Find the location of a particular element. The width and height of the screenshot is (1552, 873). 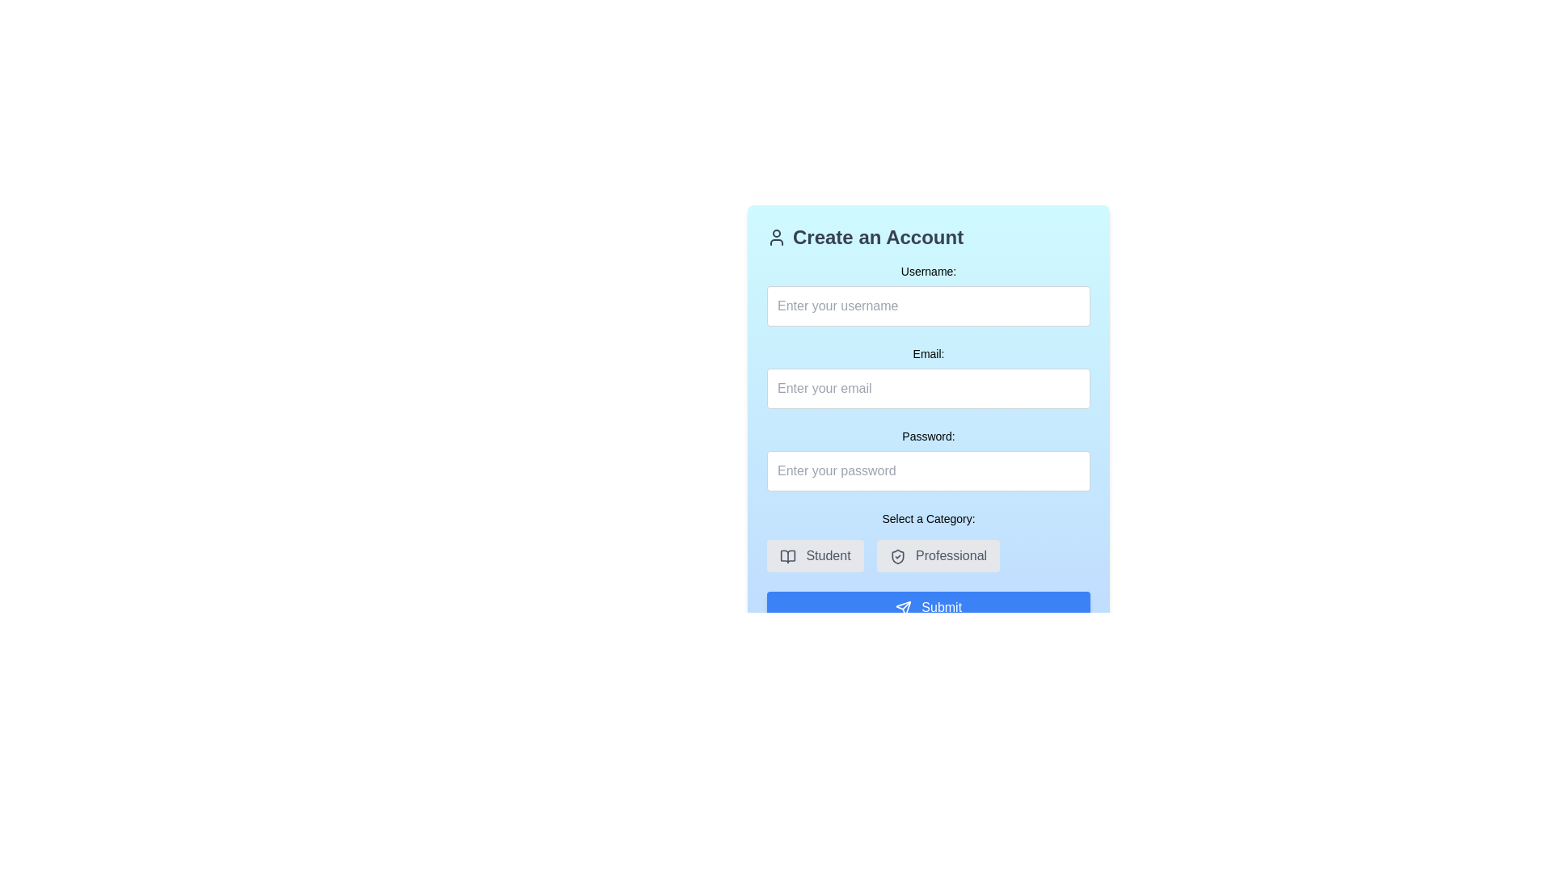

'Username:' label, which is a textual label in medium-sized font with a black font on a light blue background, located at the top of the form above the username input field is located at coordinates (928, 270).